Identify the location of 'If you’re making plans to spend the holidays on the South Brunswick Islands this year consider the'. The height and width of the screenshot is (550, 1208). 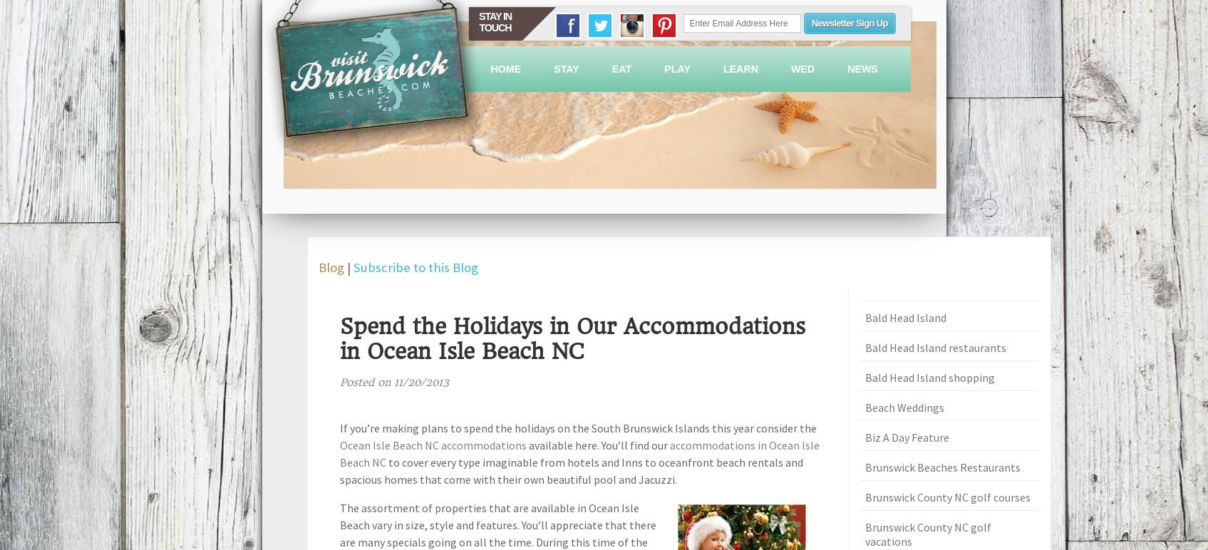
(338, 427).